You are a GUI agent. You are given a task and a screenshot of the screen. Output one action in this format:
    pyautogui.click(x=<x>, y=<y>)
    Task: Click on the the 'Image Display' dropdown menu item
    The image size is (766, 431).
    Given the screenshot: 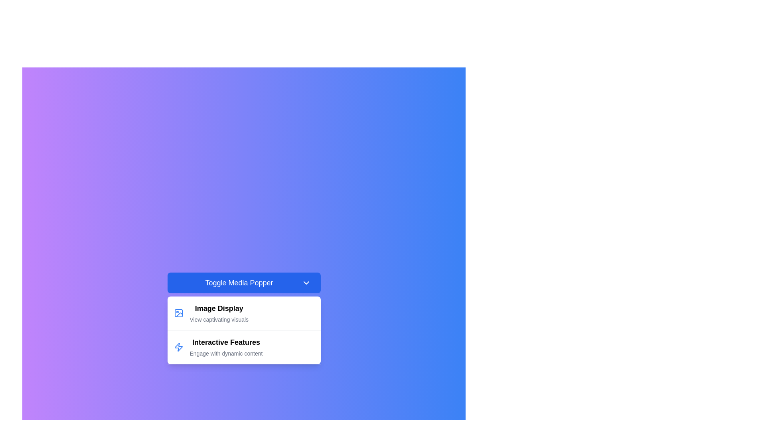 What is the action you would take?
    pyautogui.click(x=243, y=313)
    